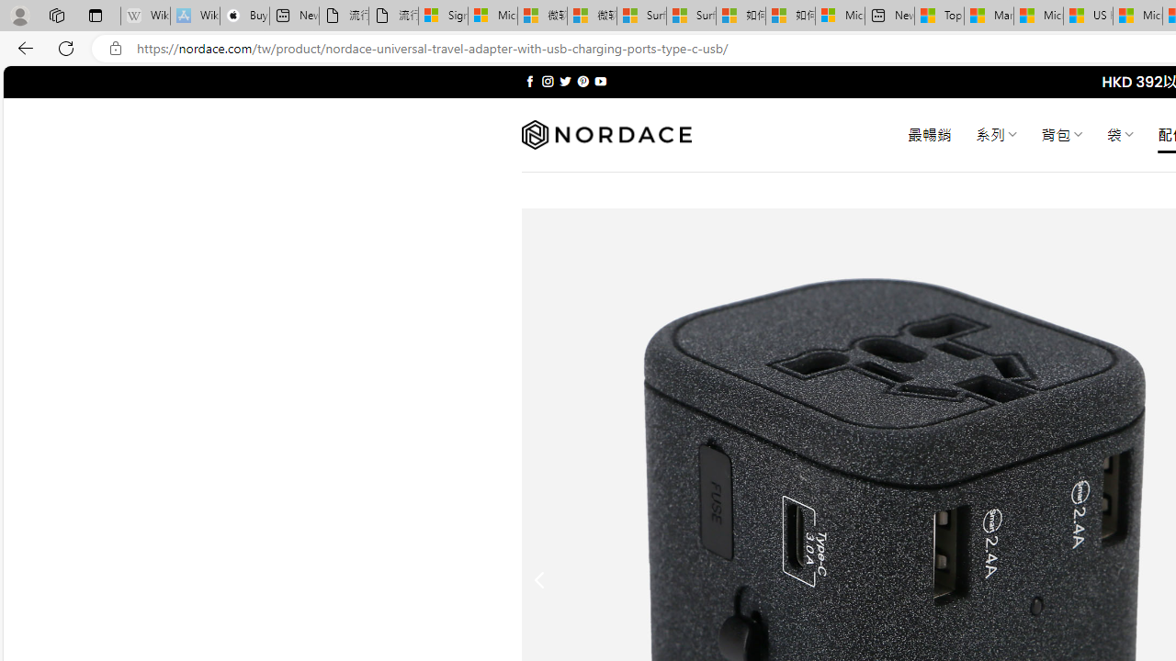 The image size is (1176, 661). What do you see at coordinates (443, 16) in the screenshot?
I see `'Sign in to your Microsoft account'` at bounding box center [443, 16].